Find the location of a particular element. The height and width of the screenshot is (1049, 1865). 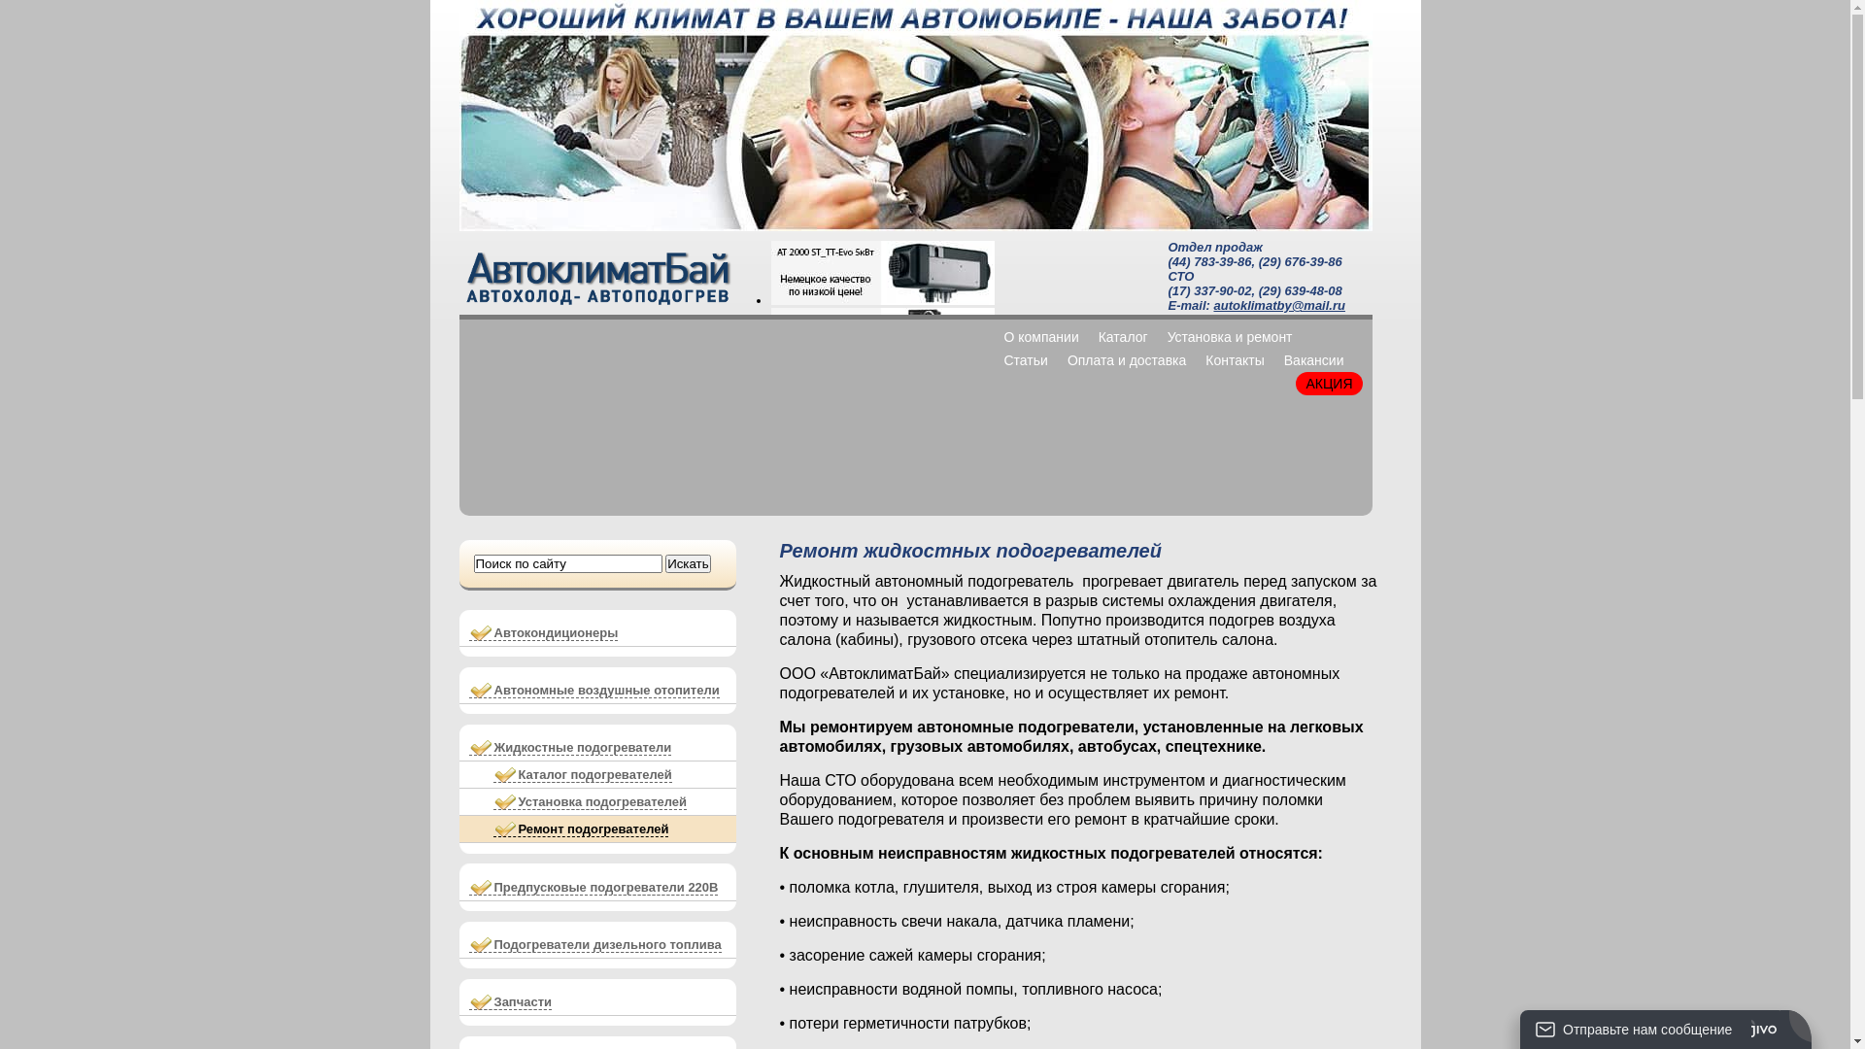

'(29) 676-39-86' is located at coordinates (1301, 260).